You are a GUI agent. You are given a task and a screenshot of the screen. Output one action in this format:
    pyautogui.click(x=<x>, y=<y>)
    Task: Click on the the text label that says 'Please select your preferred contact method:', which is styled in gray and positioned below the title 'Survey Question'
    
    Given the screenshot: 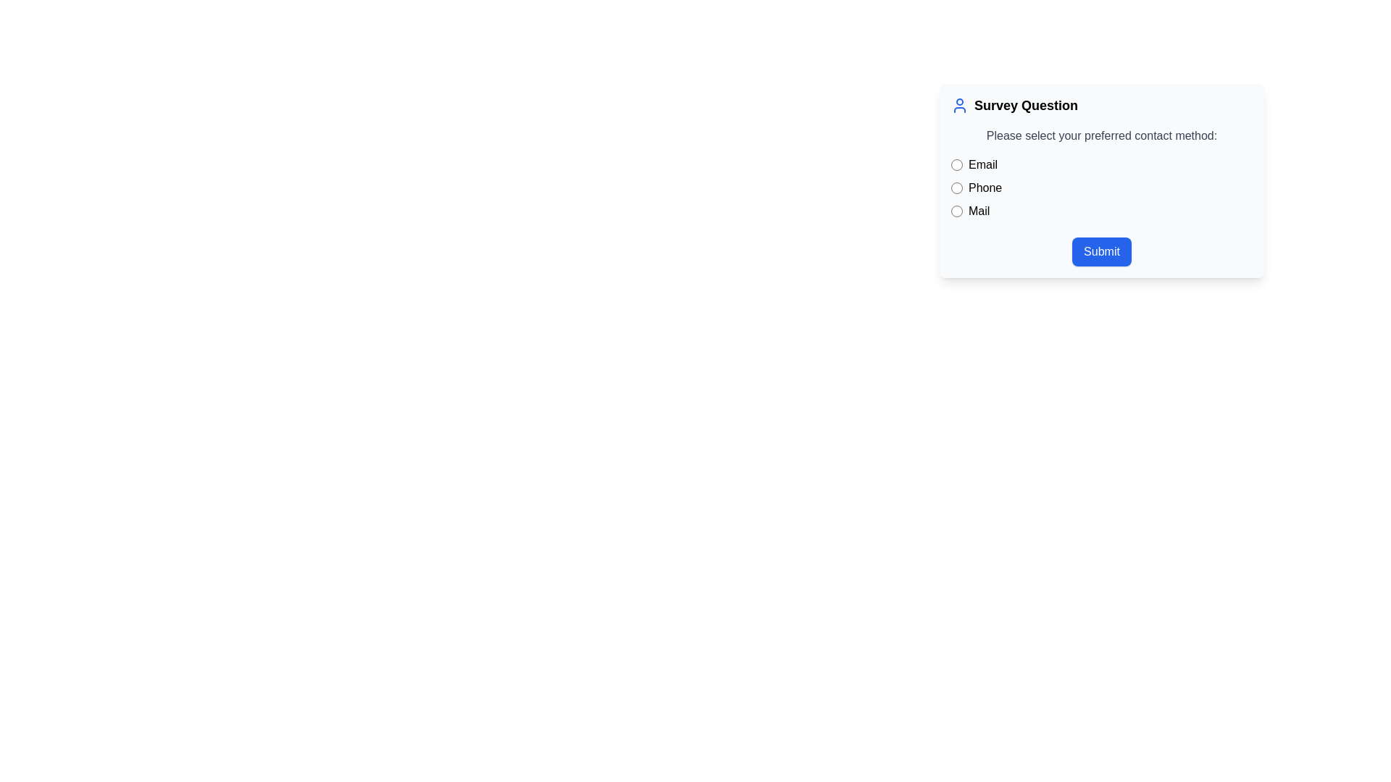 What is the action you would take?
    pyautogui.click(x=1101, y=136)
    